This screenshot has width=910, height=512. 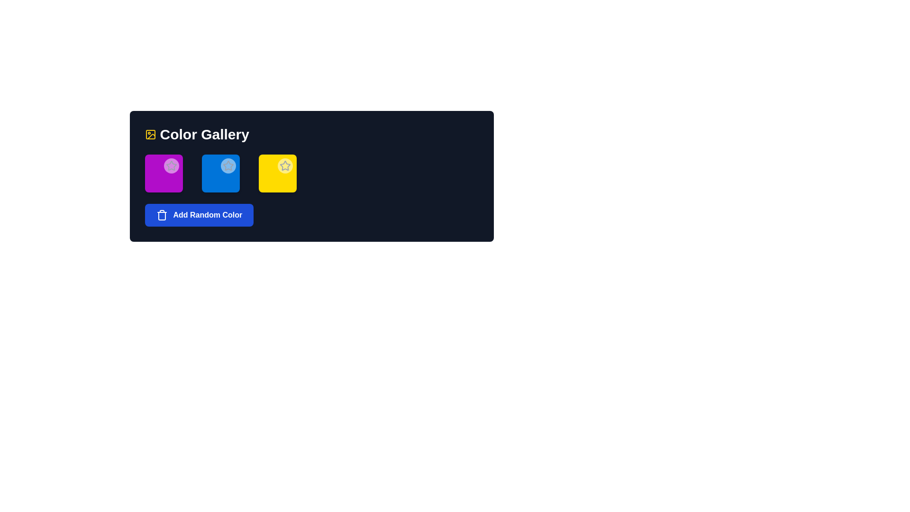 I want to click on the first star-shaped icon with a thin gray outline in the 'Color Gallery' section, so click(x=171, y=165).